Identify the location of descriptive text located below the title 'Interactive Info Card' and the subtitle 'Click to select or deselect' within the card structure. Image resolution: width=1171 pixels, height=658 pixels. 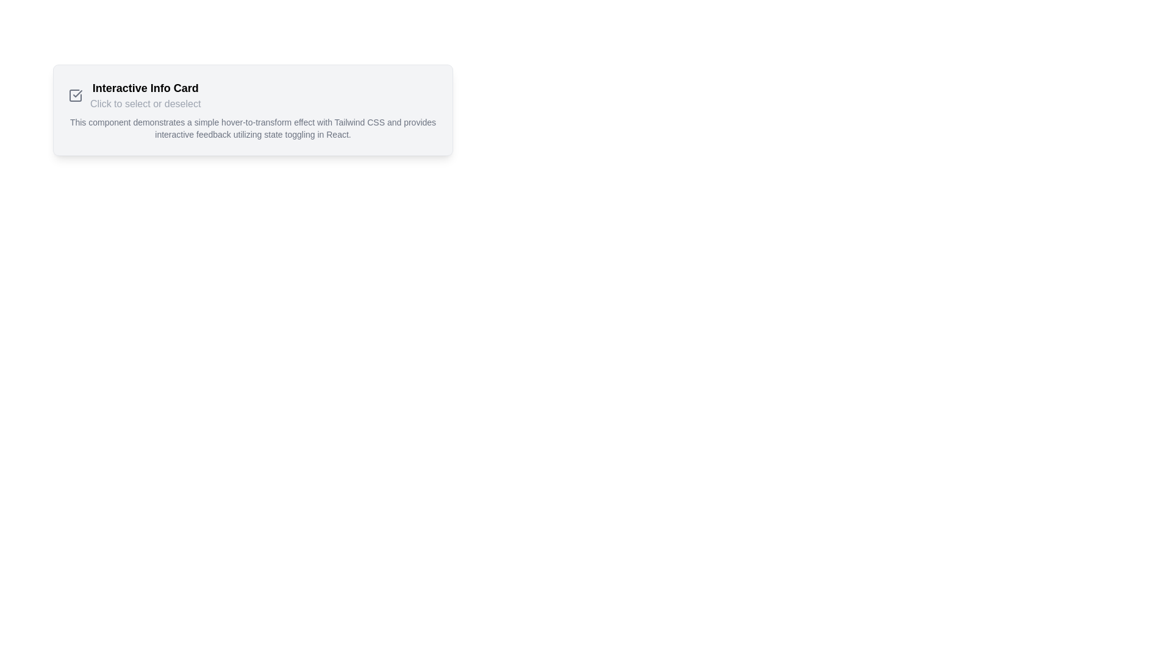
(252, 129).